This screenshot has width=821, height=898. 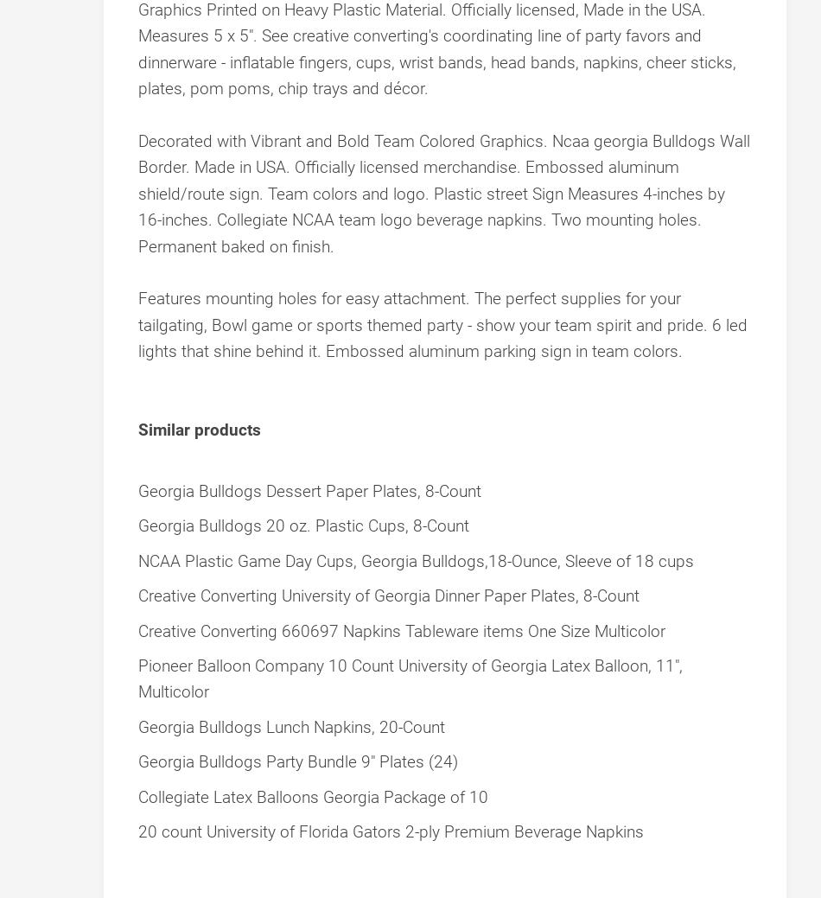 What do you see at coordinates (410, 678) in the screenshot?
I see `'Pioneer Balloon Company 10 Count University of Georgia Latex Balloon, 11", Multicolor'` at bounding box center [410, 678].